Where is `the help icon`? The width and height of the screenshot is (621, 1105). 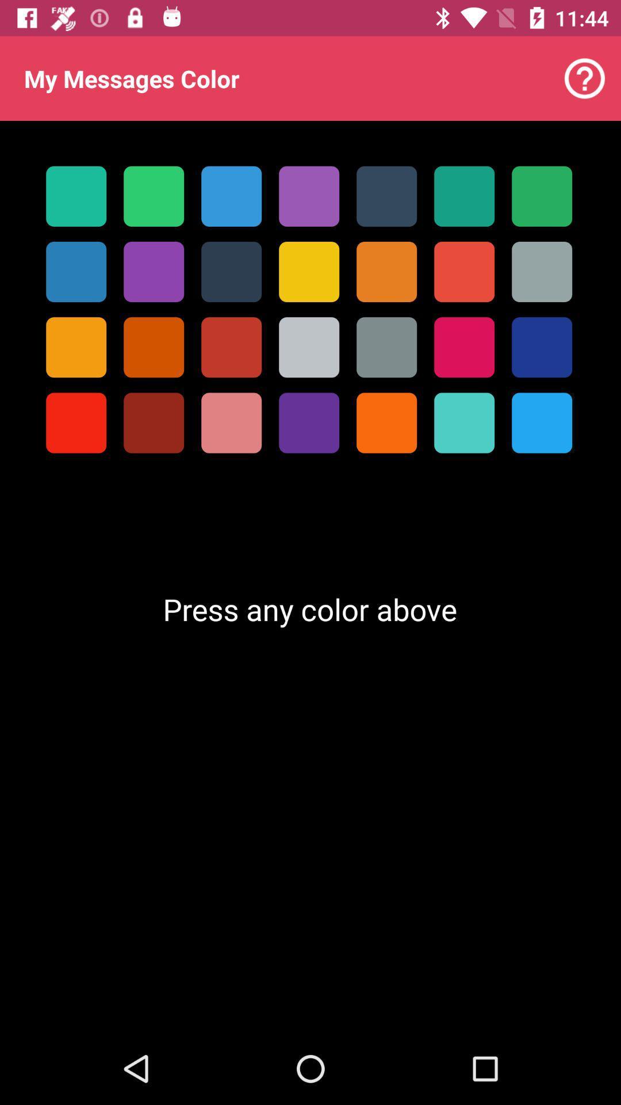 the help icon is located at coordinates (585, 78).